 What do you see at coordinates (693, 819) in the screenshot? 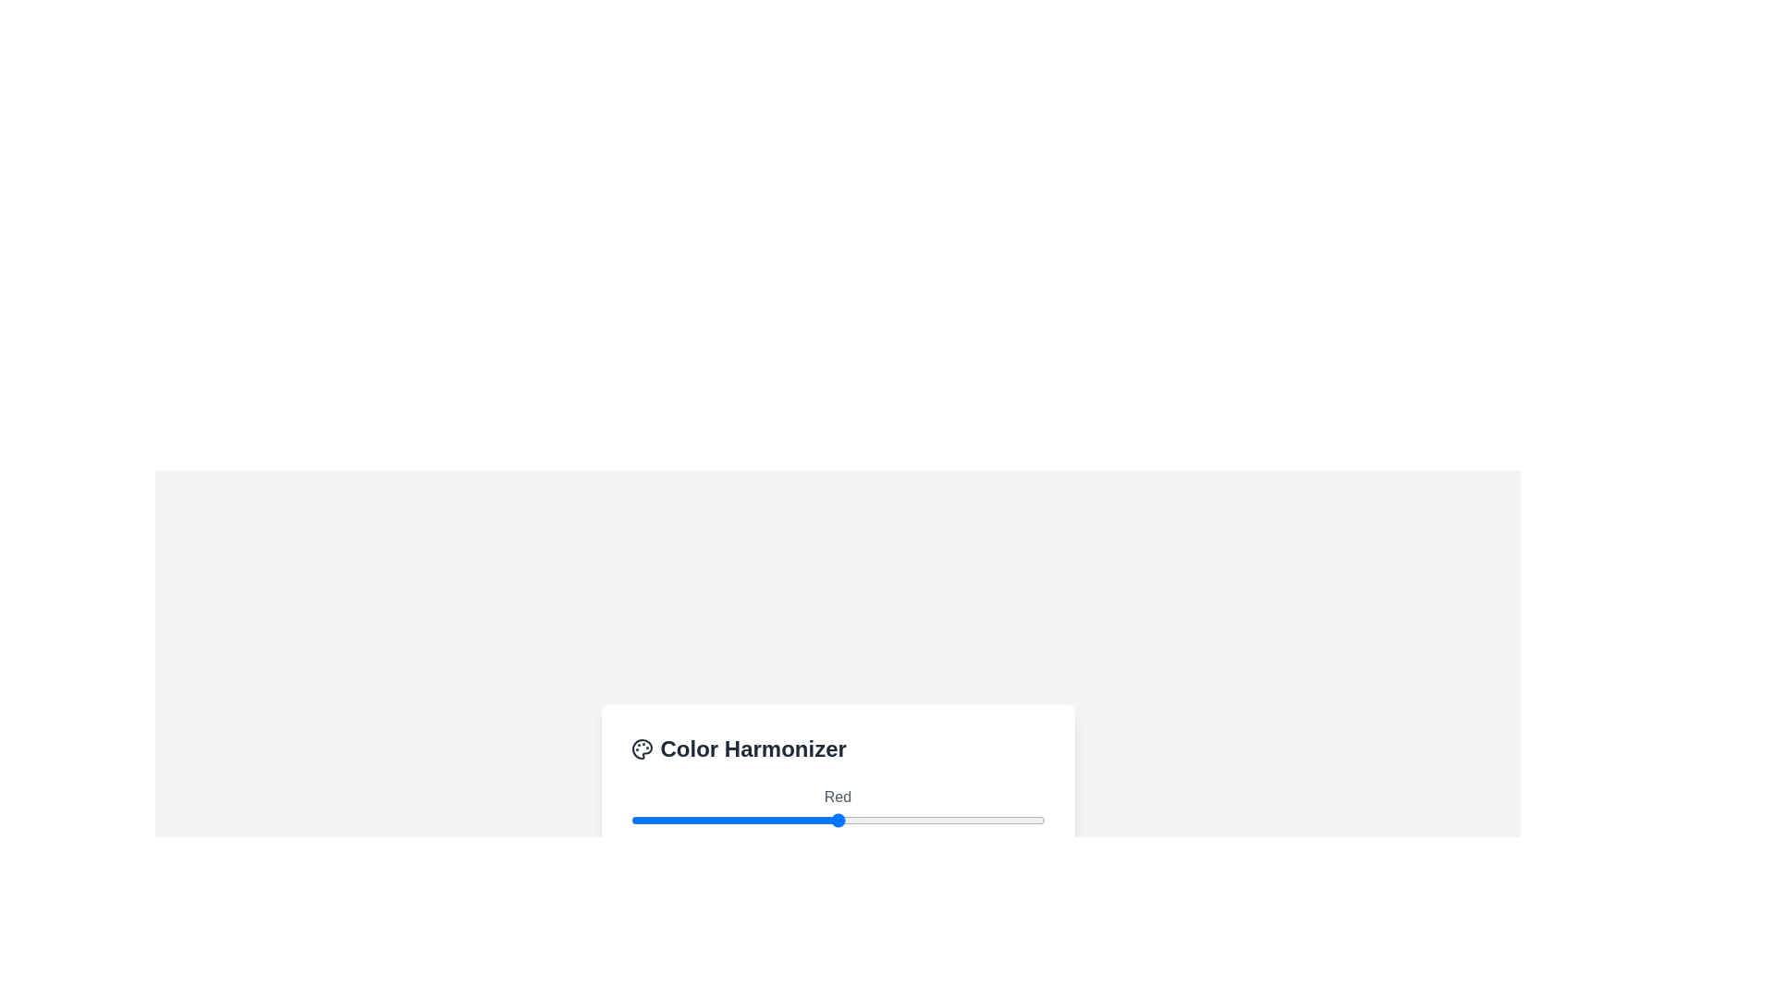
I see `the red slider to set its value to 39` at bounding box center [693, 819].